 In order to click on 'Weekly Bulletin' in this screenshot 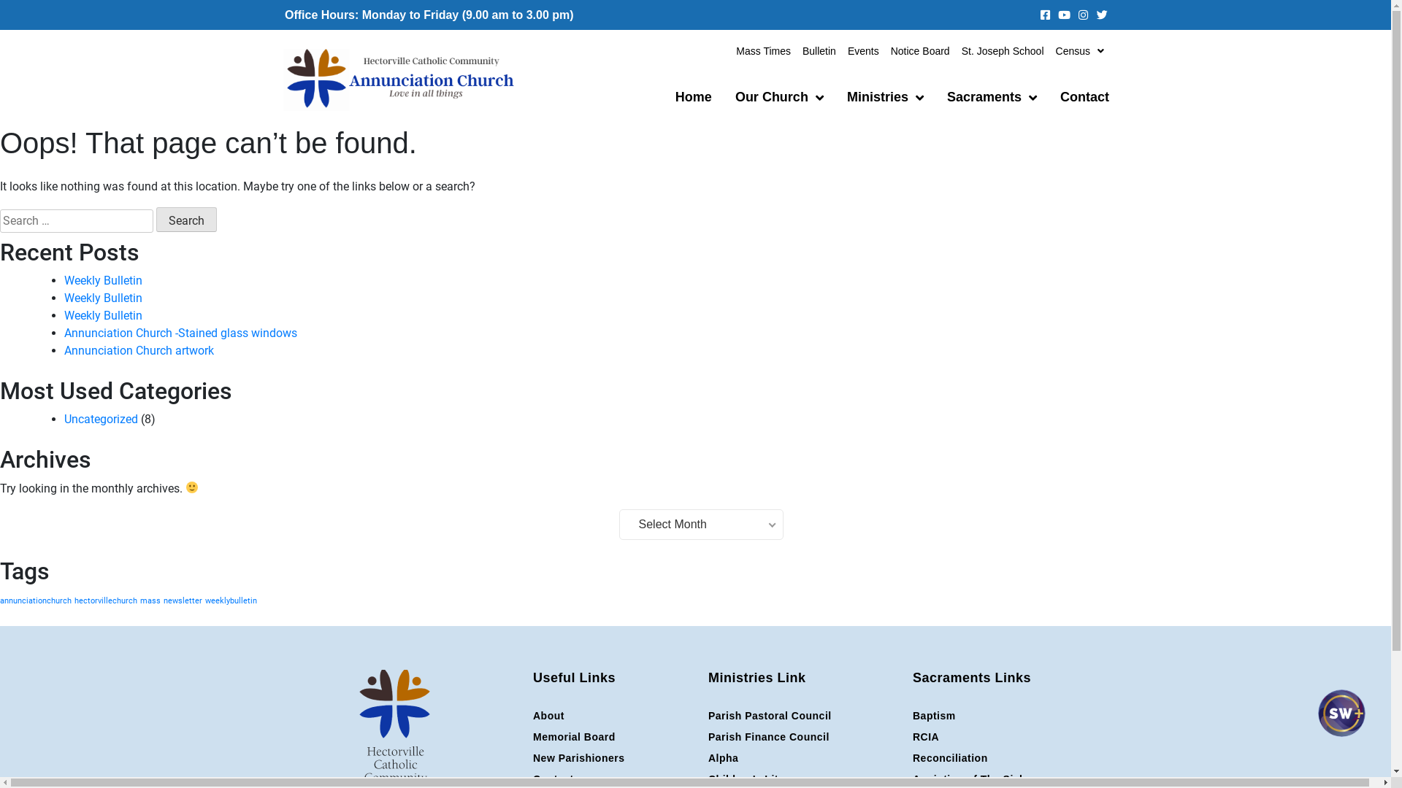, I will do `click(102, 314)`.